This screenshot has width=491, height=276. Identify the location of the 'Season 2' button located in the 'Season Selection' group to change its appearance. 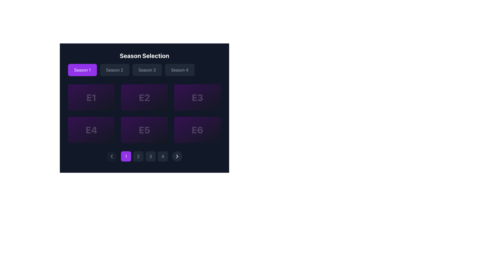
(114, 70).